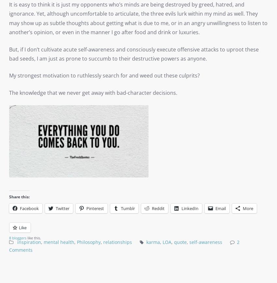  Describe the element at coordinates (93, 92) in the screenshot. I see `'The knowledge that we never get away with bad-character decisions.'` at that location.